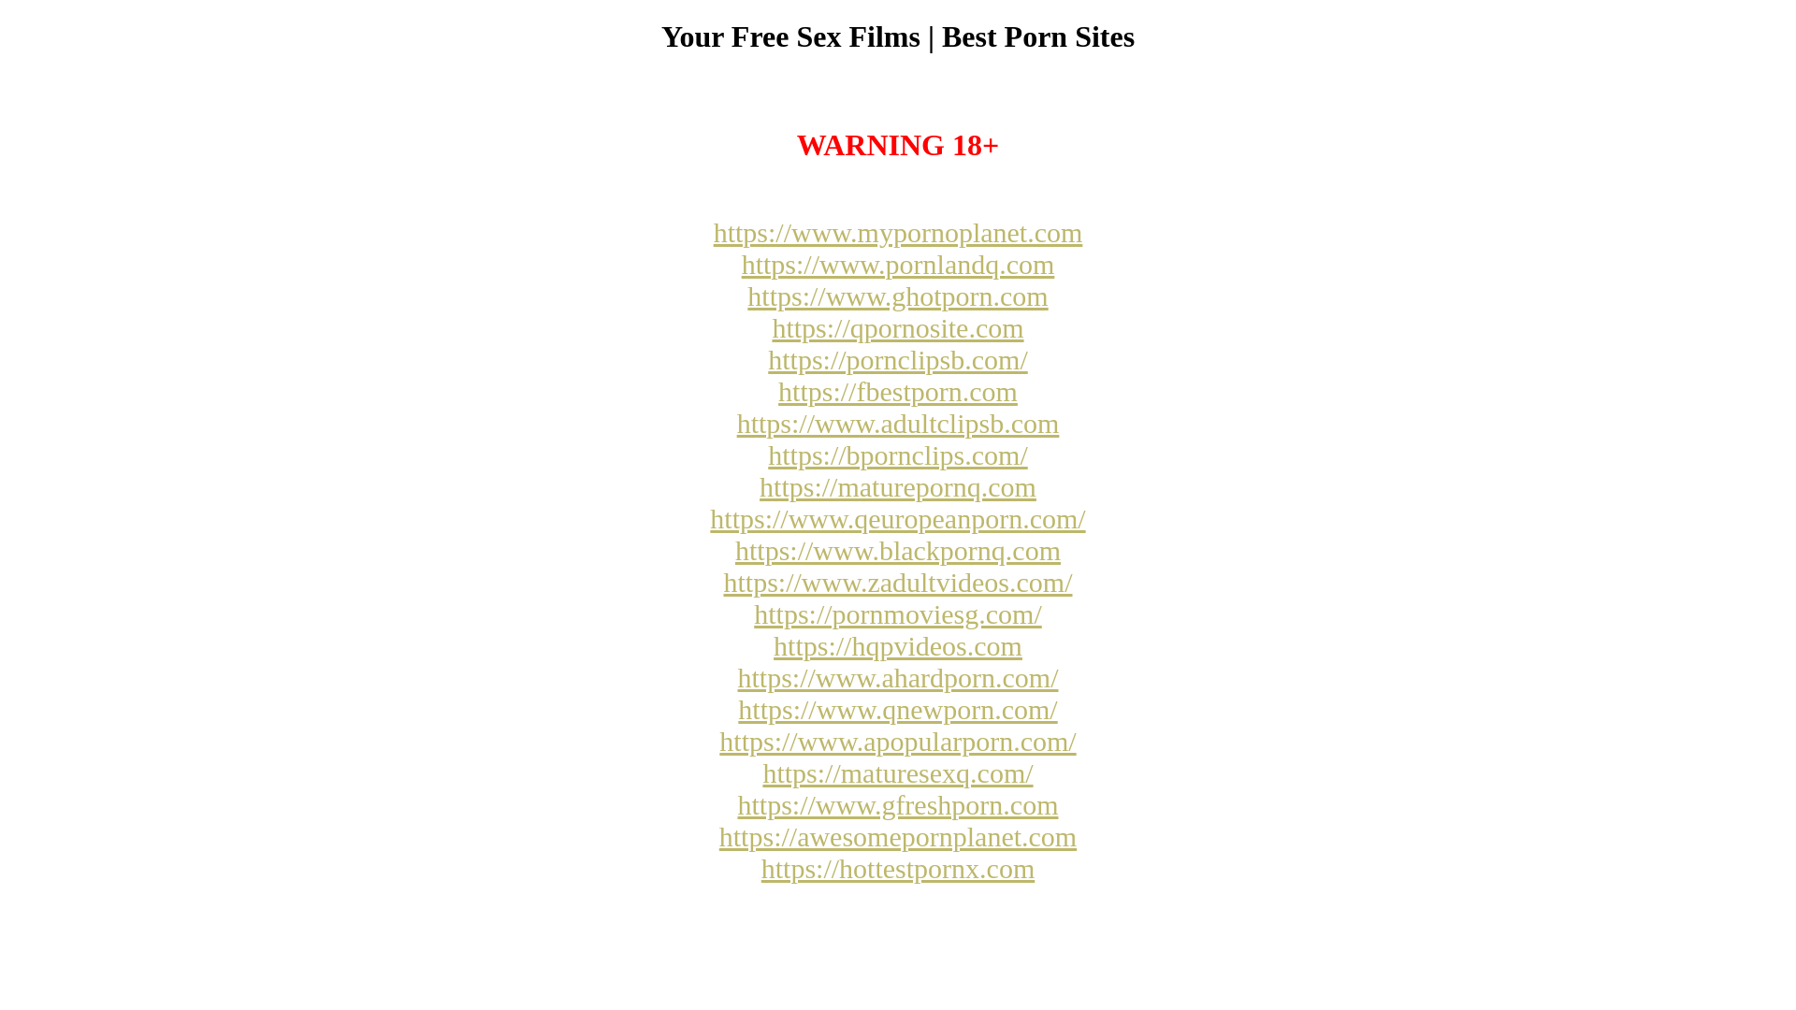 The width and height of the screenshot is (1796, 1010). Describe the element at coordinates (898, 868) in the screenshot. I see `'https://hottestpornx.com'` at that location.